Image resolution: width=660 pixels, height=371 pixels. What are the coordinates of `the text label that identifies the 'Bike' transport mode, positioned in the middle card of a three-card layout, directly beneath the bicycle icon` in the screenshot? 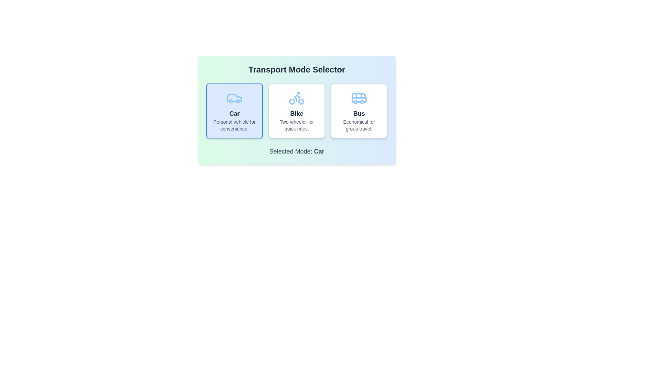 It's located at (297, 113).